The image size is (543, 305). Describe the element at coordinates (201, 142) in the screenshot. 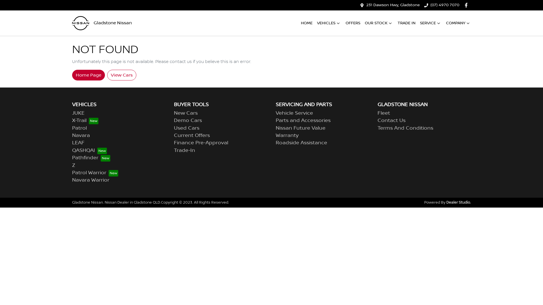

I see `'Finance Pre-Approval'` at that location.